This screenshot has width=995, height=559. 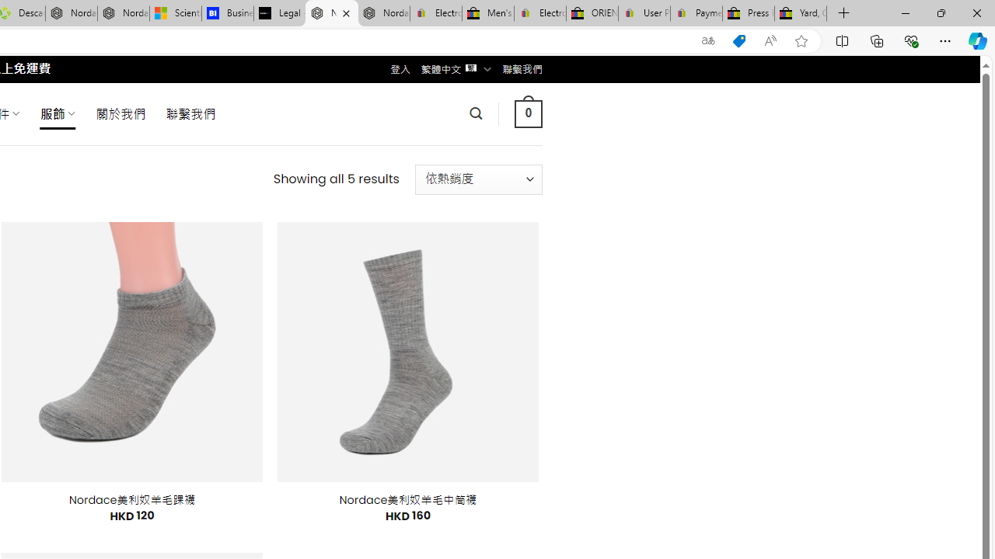 What do you see at coordinates (749, 13) in the screenshot?
I see `'Press Room - eBay Inc.'` at bounding box center [749, 13].